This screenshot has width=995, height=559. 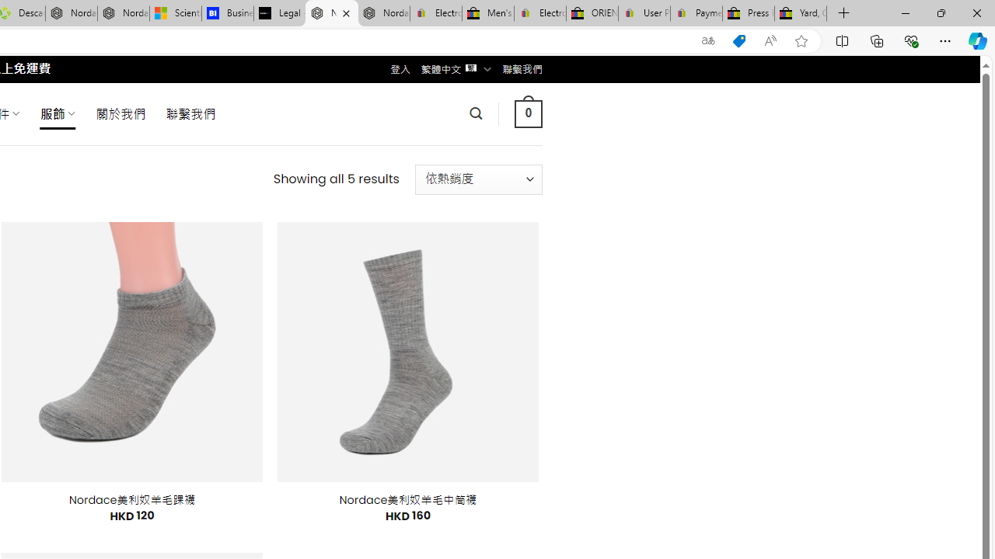 What do you see at coordinates (749, 13) in the screenshot?
I see `'Press Room - eBay Inc.'` at bounding box center [749, 13].